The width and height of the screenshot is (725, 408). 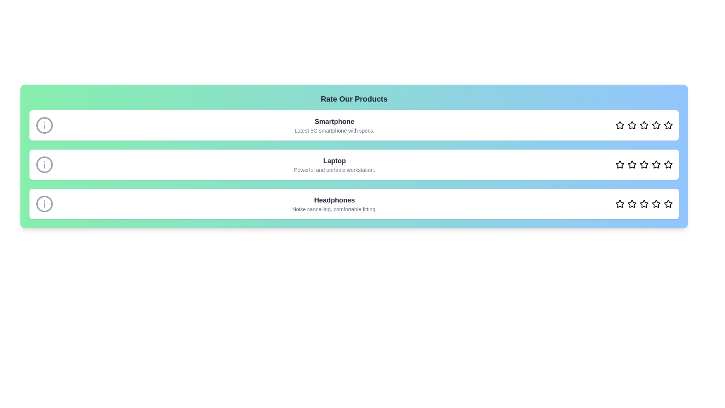 What do you see at coordinates (643, 125) in the screenshot?
I see `the fourth star-shaped Interactive Rating Icon` at bounding box center [643, 125].